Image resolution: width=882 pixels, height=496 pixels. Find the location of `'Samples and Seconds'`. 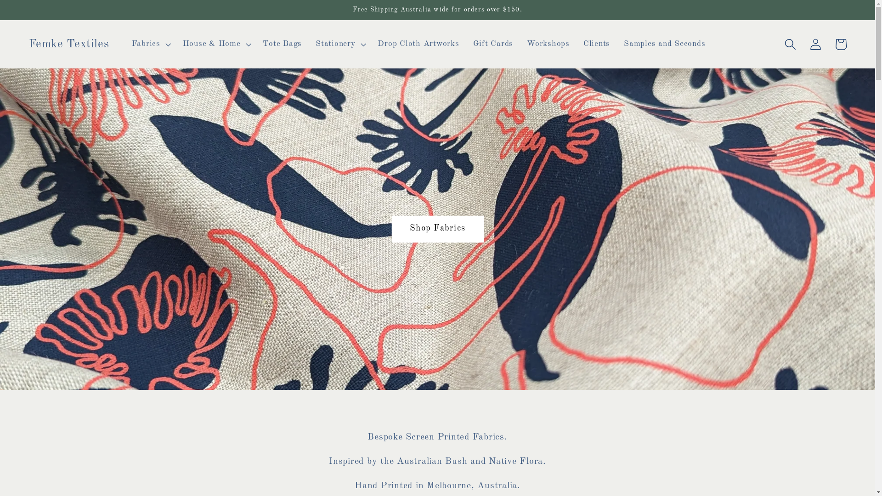

'Samples and Seconds' is located at coordinates (664, 44).